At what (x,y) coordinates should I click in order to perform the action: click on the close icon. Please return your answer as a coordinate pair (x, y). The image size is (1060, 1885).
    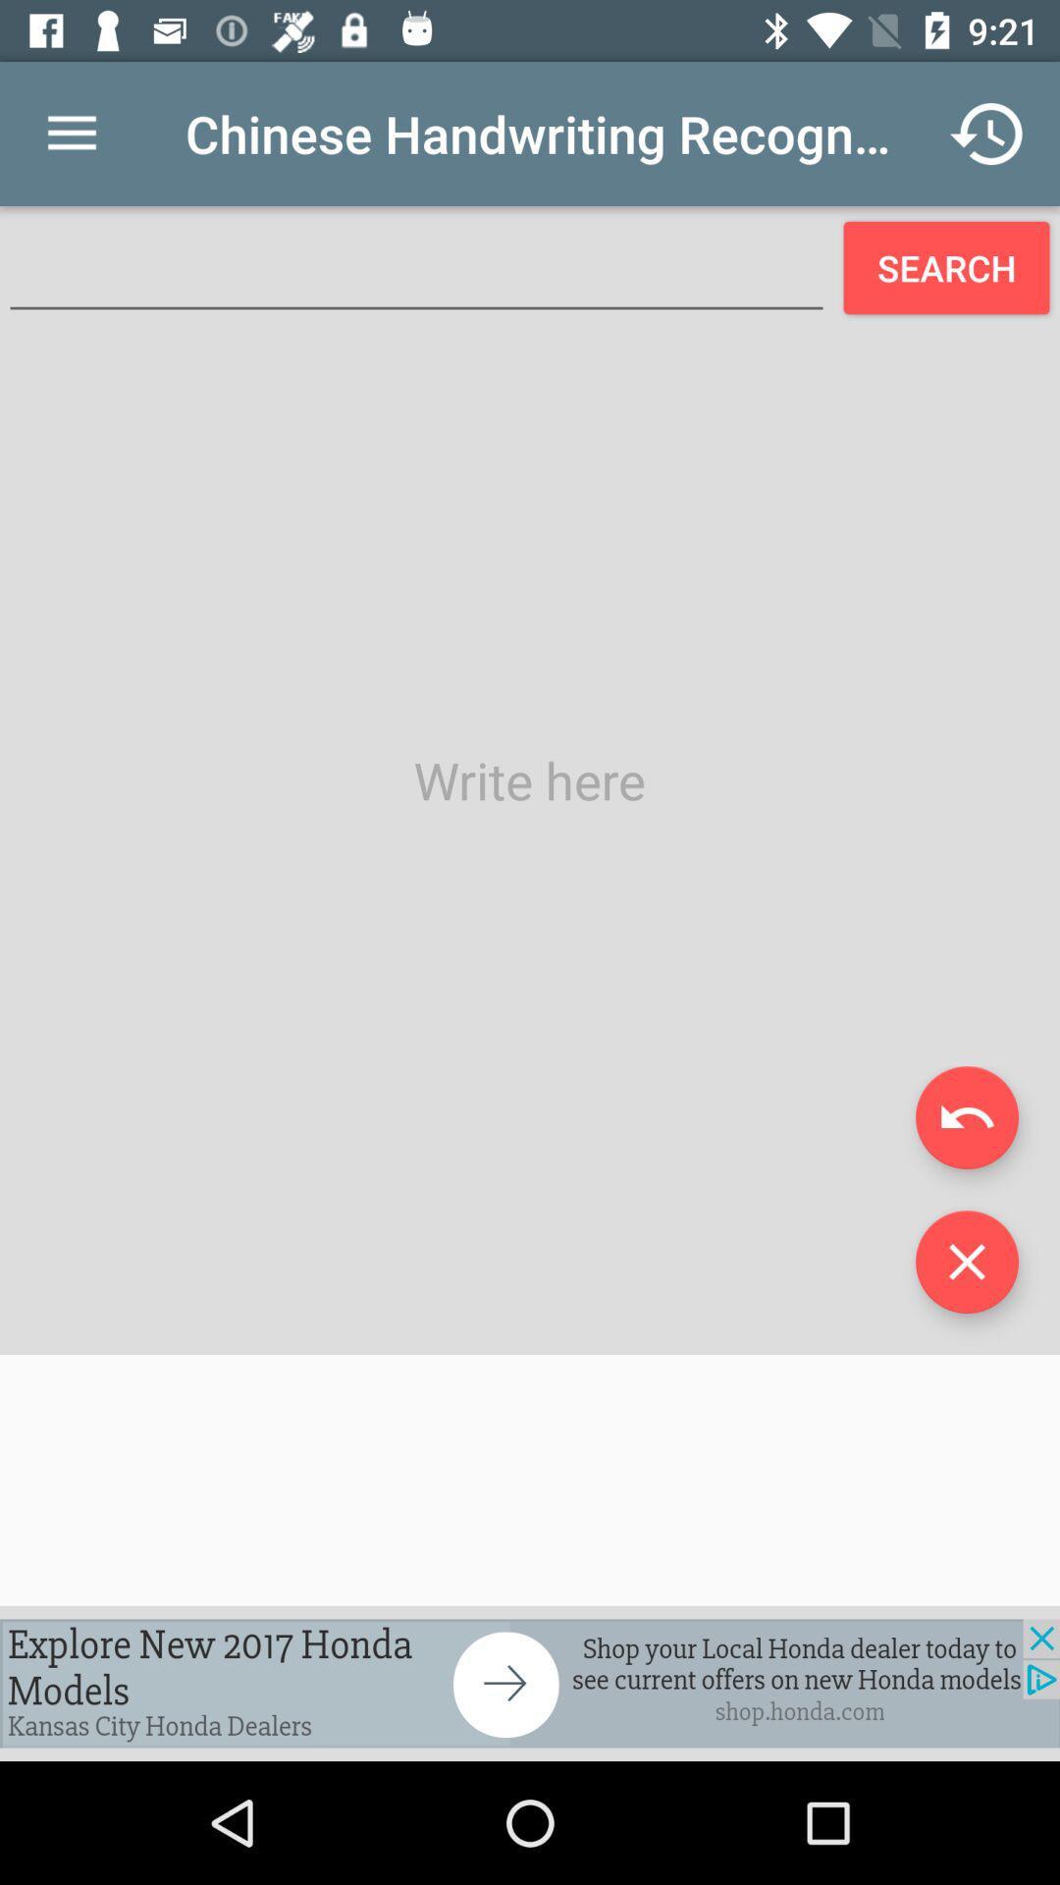
    Looking at the image, I should click on (966, 1262).